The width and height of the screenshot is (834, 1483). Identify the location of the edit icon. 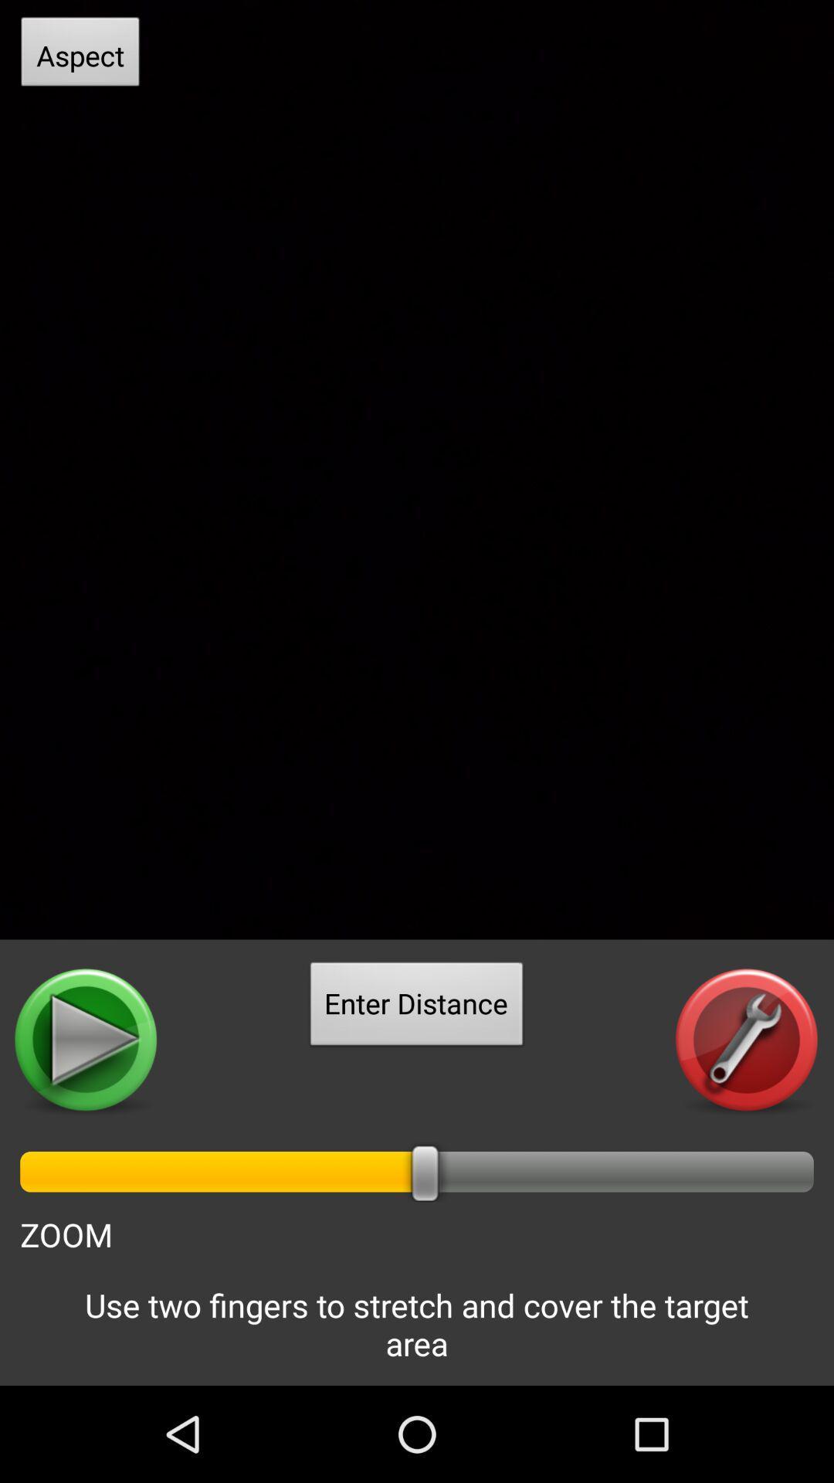
(746, 1114).